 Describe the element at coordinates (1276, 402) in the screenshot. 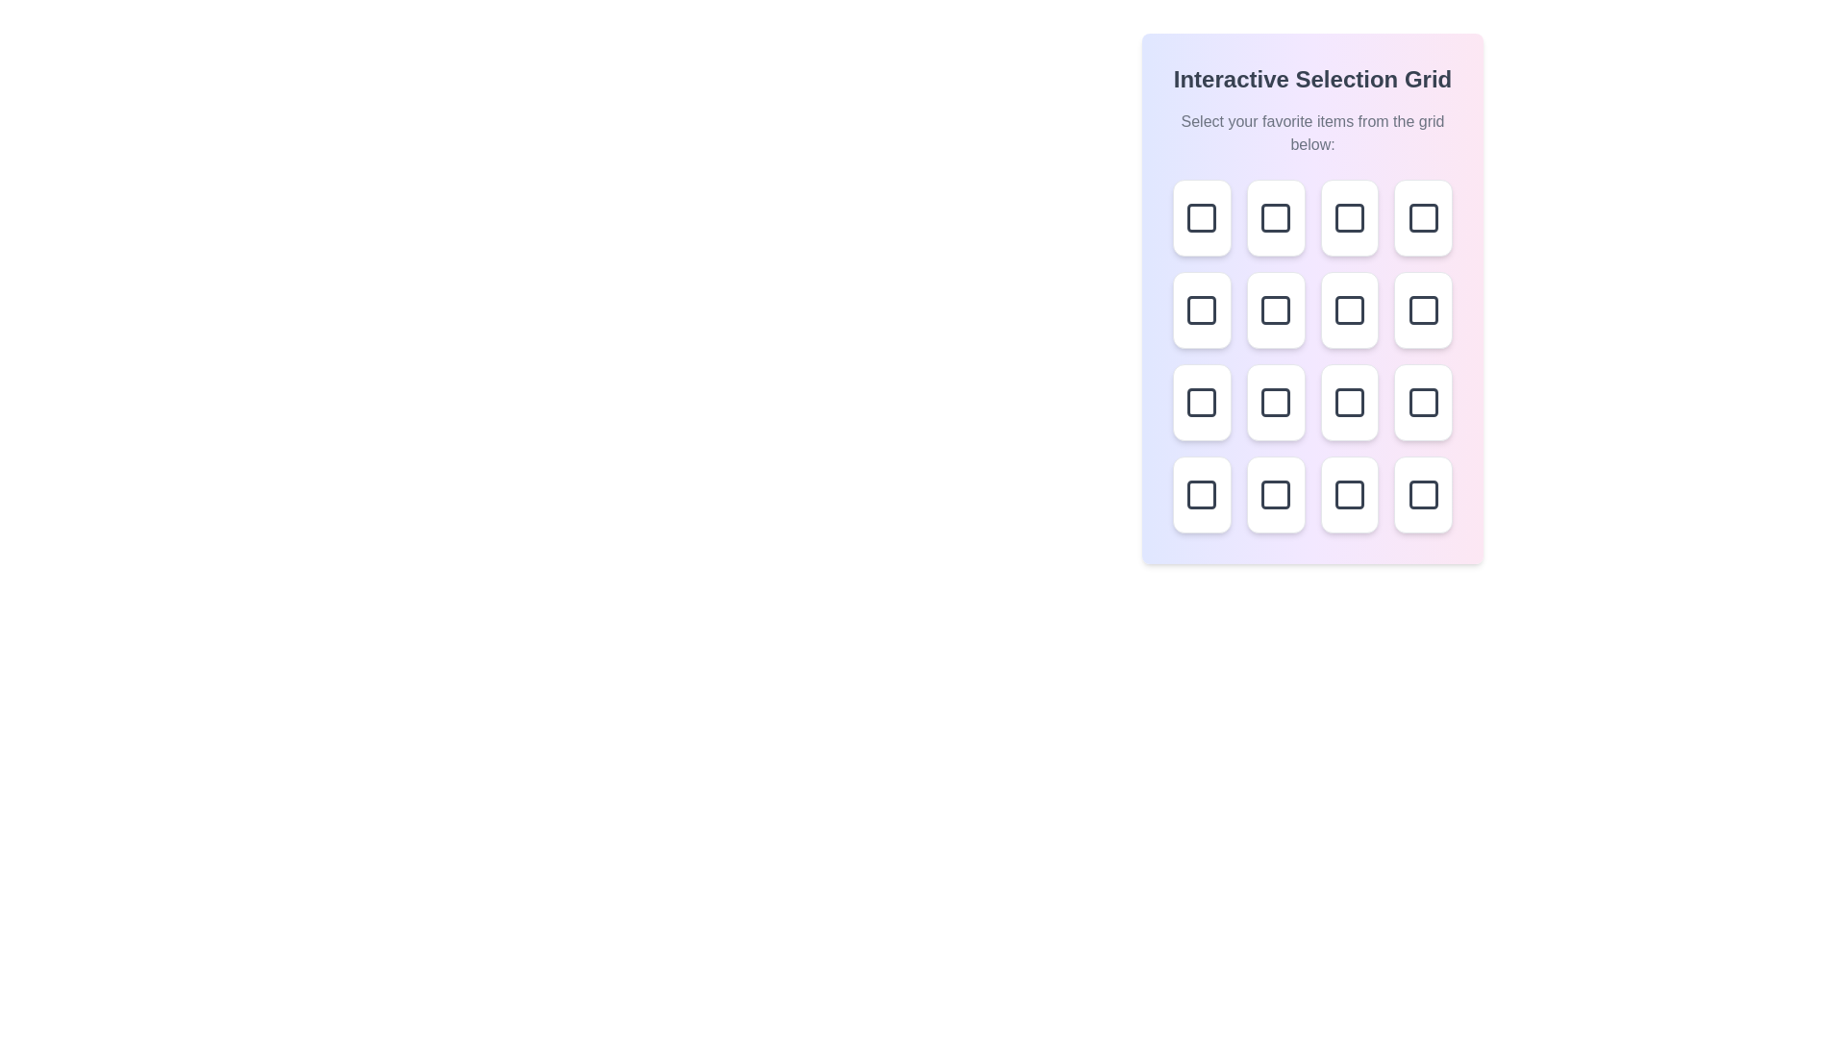

I see `the square button with a white background and dark gray border located in the third row and second column to change its background color to light purple` at that location.